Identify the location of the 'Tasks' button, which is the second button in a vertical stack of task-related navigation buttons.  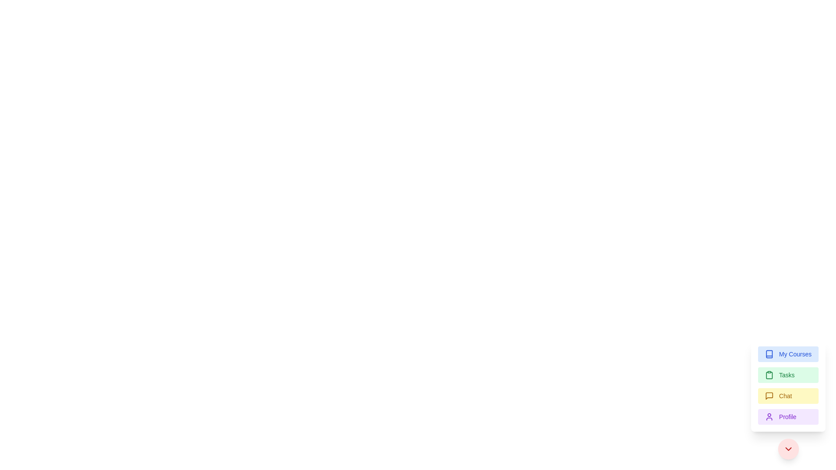
(788, 374).